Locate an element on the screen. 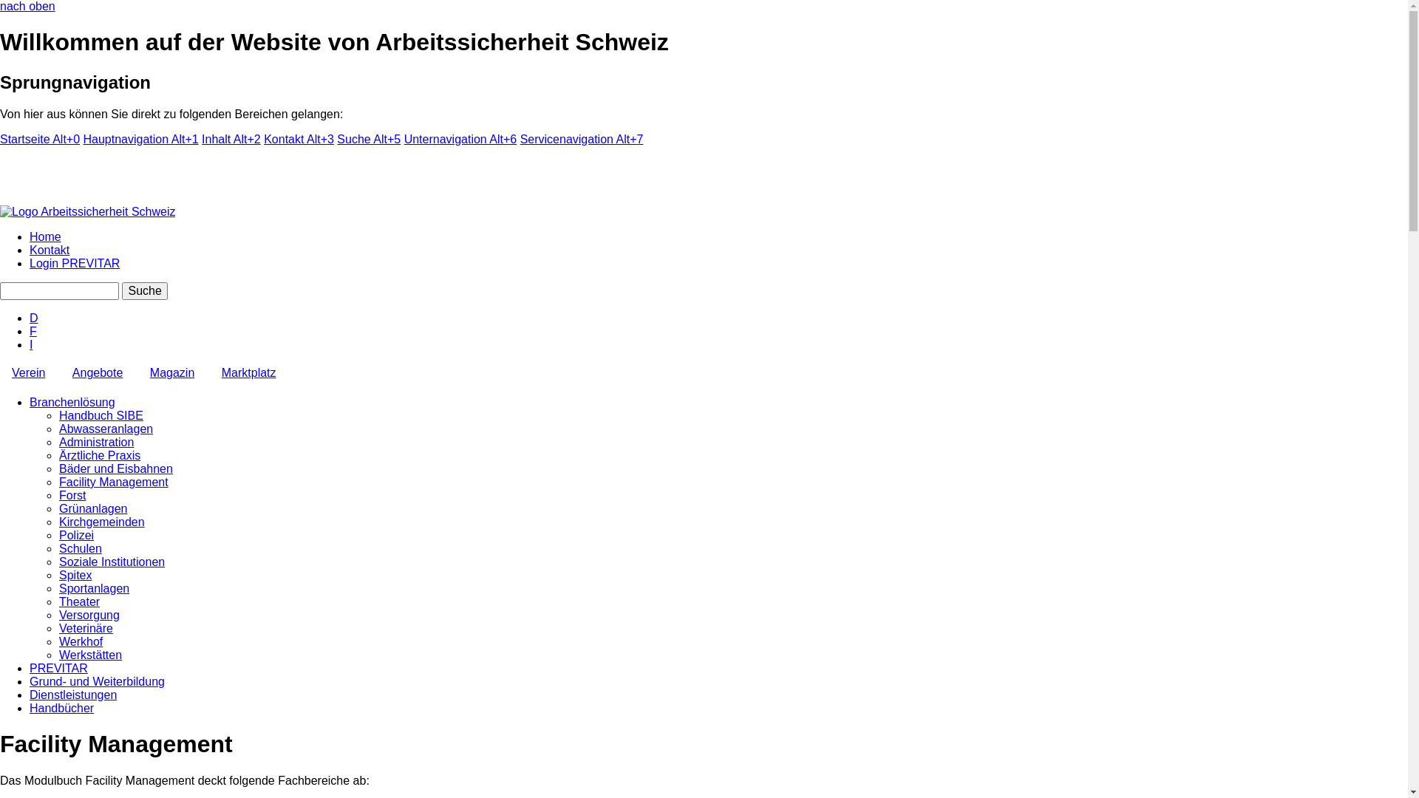 The image size is (1419, 798). 'Handbuch SIBE' is located at coordinates (101, 415).